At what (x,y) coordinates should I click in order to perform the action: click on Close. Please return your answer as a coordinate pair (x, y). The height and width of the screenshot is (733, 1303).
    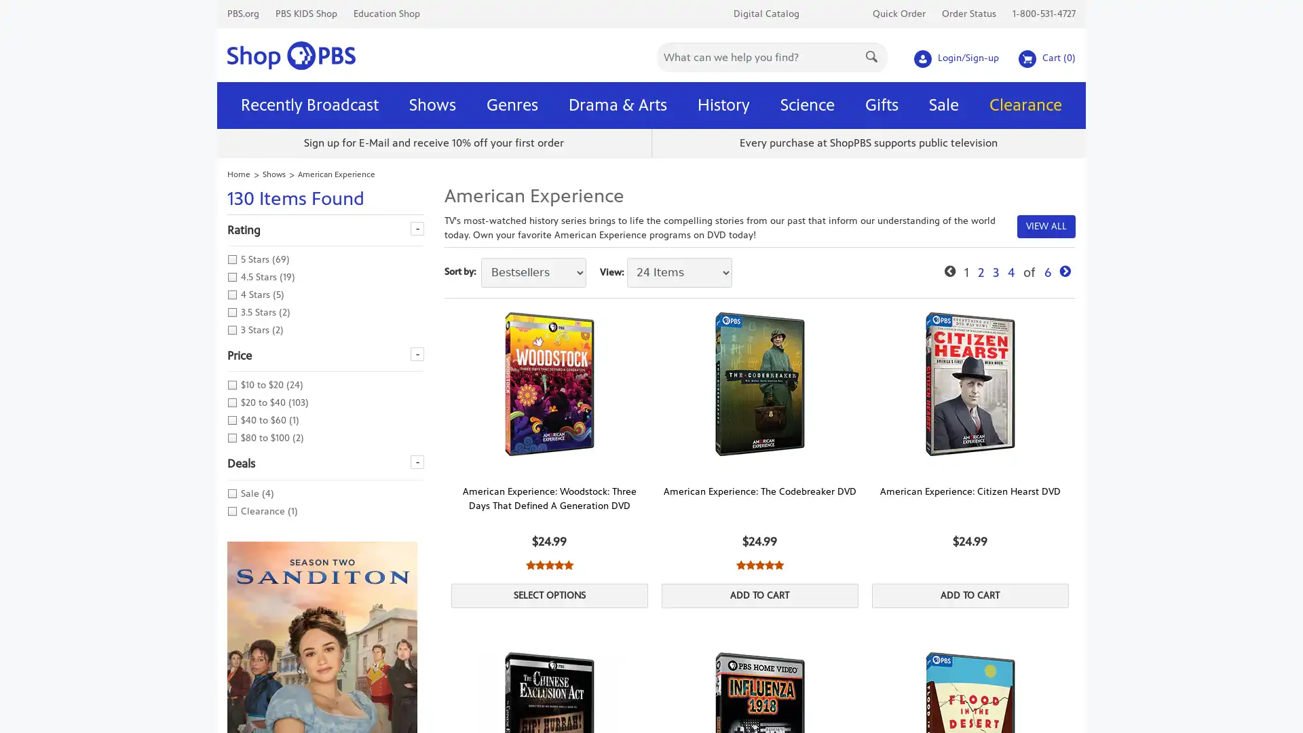
    Looking at the image, I should click on (839, 13).